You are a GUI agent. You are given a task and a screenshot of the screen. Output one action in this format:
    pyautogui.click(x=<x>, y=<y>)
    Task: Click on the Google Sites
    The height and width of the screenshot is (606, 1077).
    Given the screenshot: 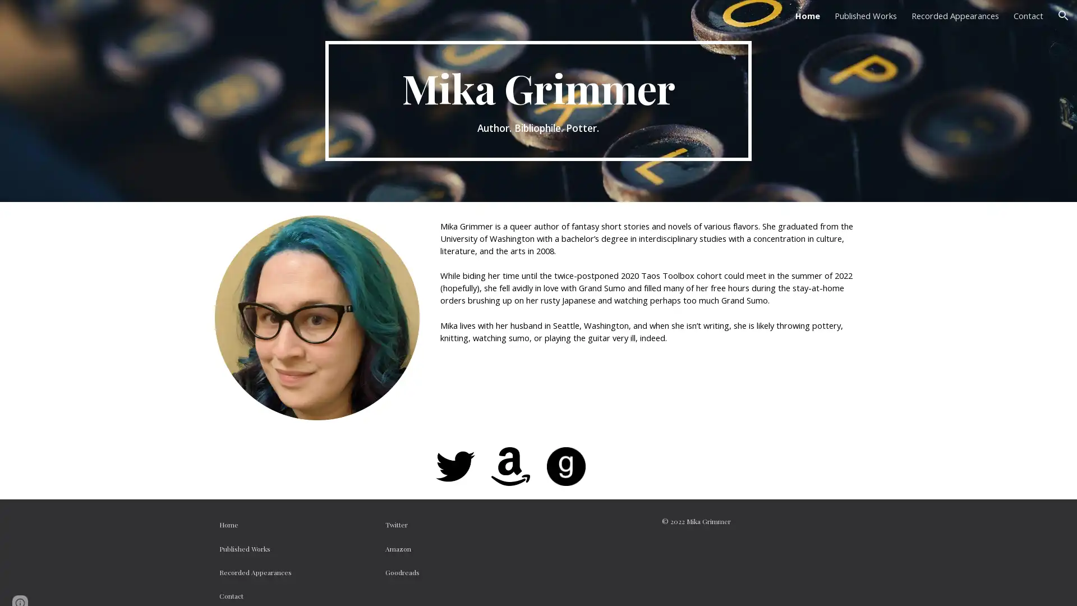 What is the action you would take?
    pyautogui.click(x=54, y=586)
    